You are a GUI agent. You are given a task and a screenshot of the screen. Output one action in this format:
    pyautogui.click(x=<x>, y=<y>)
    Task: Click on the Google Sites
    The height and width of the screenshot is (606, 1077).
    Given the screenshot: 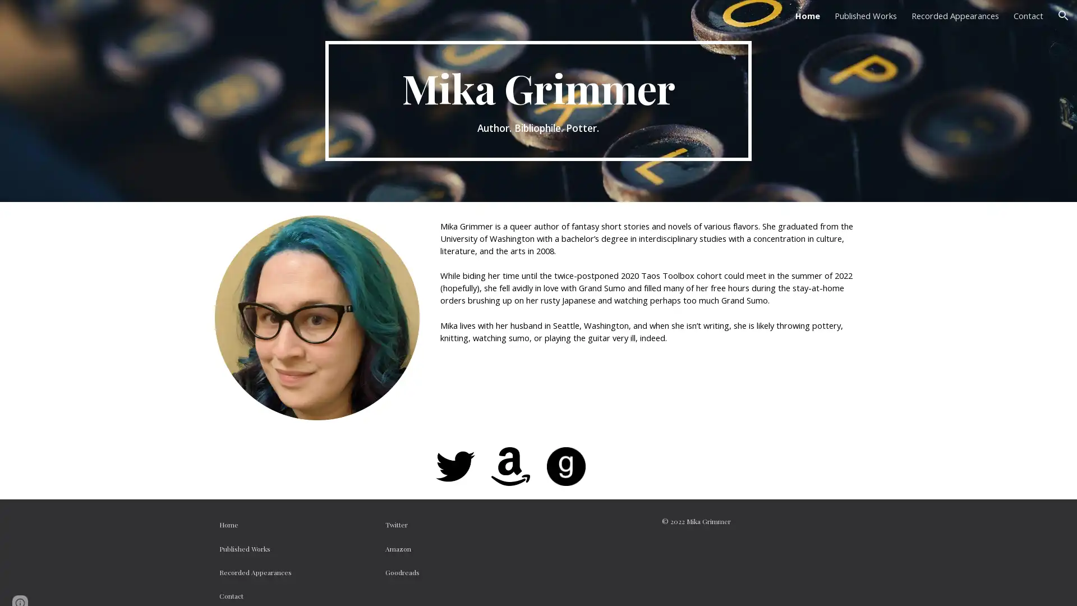 What is the action you would take?
    pyautogui.click(x=54, y=586)
    